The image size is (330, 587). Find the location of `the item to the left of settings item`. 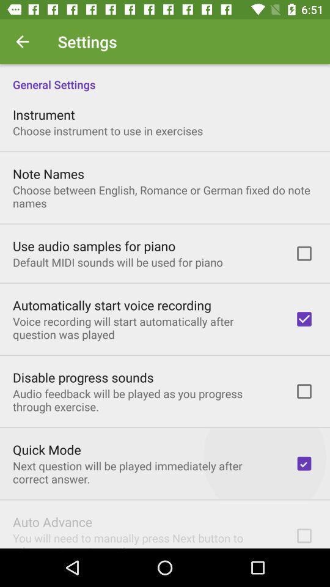

the item to the left of settings item is located at coordinates (22, 42).